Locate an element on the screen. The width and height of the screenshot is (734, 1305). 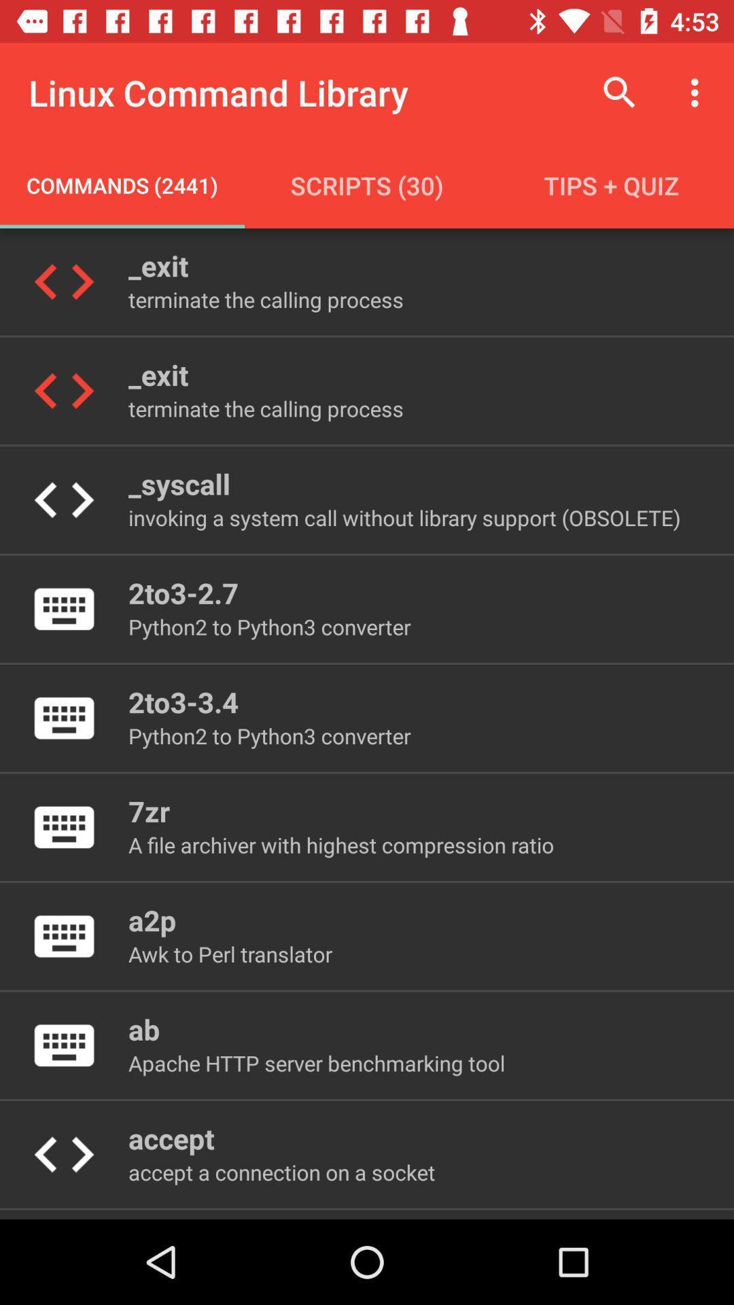
item next to the linux command library icon is located at coordinates (619, 92).